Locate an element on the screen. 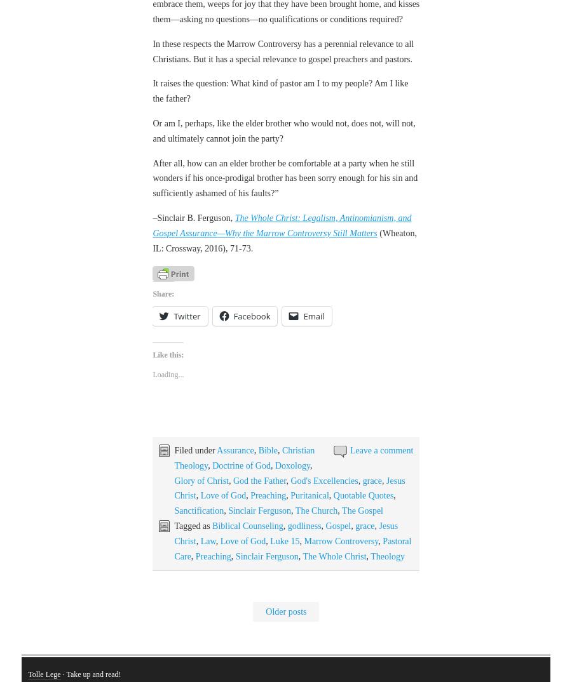 This screenshot has width=572, height=682. 'Tolle Lege' is located at coordinates (43, 604).